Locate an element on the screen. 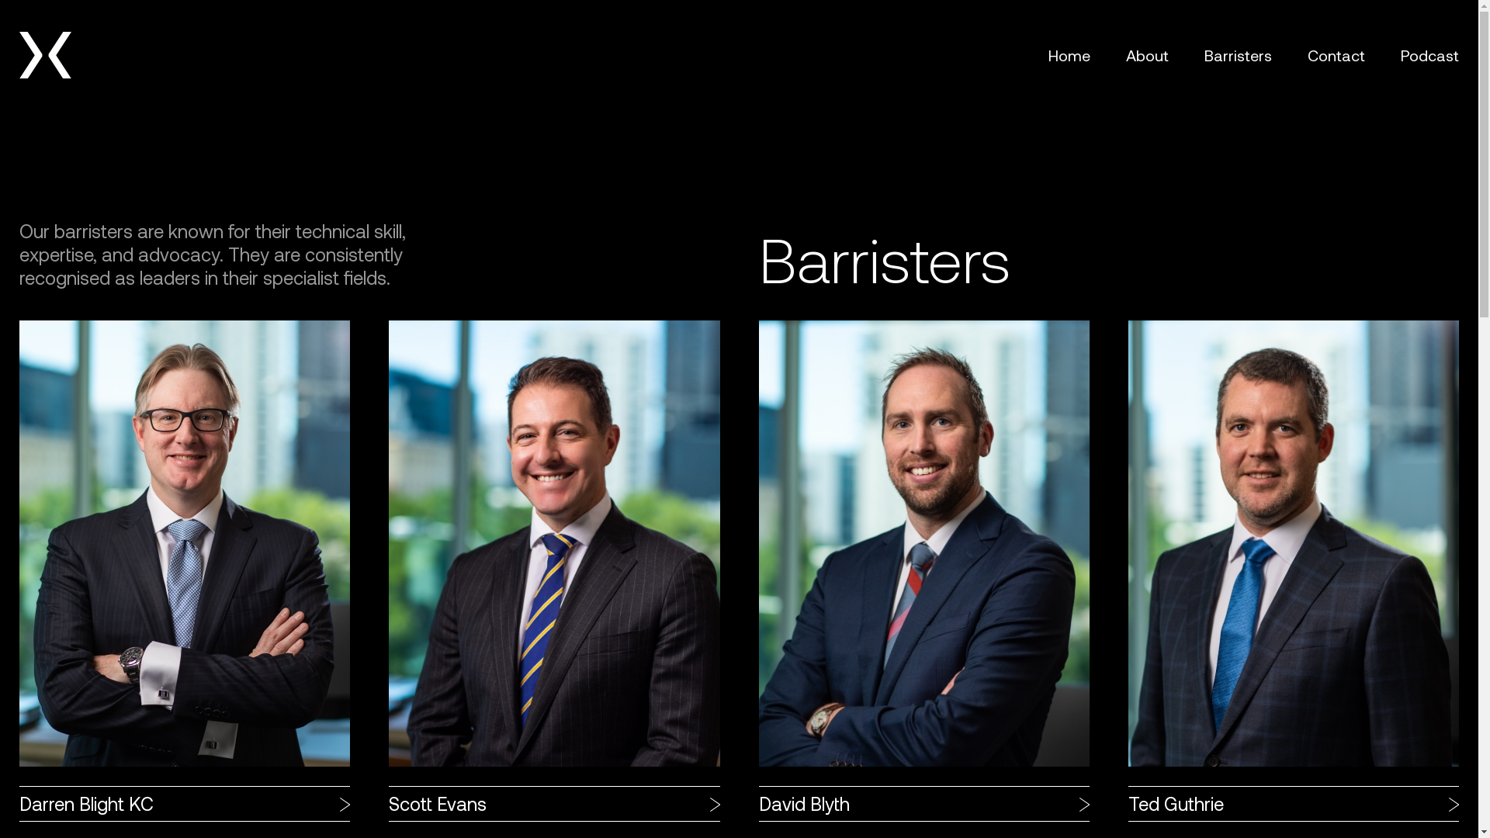 This screenshot has width=1490, height=838. 'About' is located at coordinates (1125, 54).